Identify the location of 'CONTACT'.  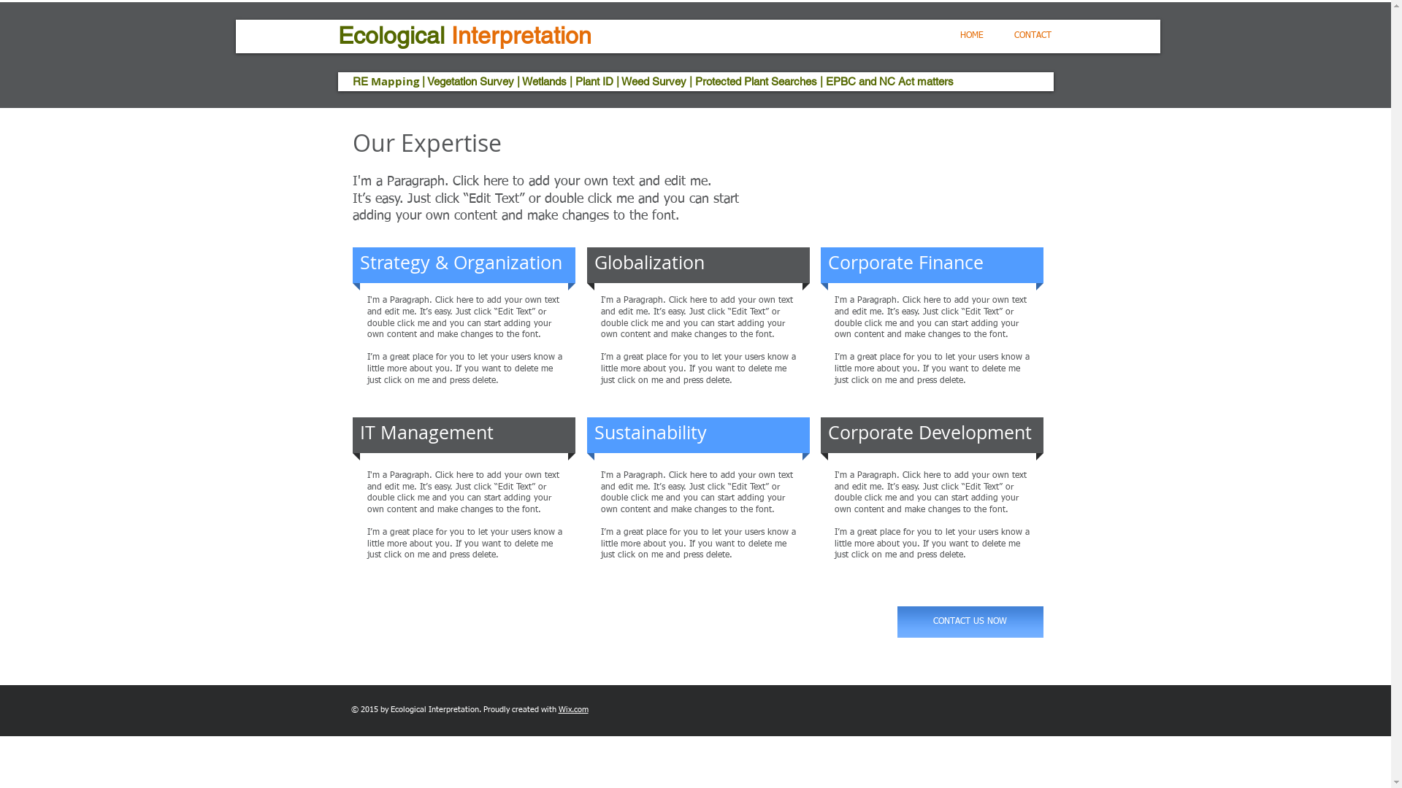
(1032, 35).